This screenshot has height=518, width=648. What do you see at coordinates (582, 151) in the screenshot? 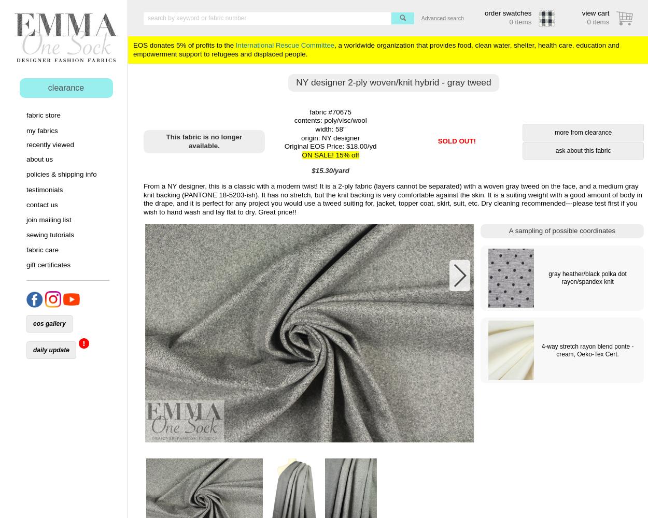
I see `'ask about this fabric'` at bounding box center [582, 151].